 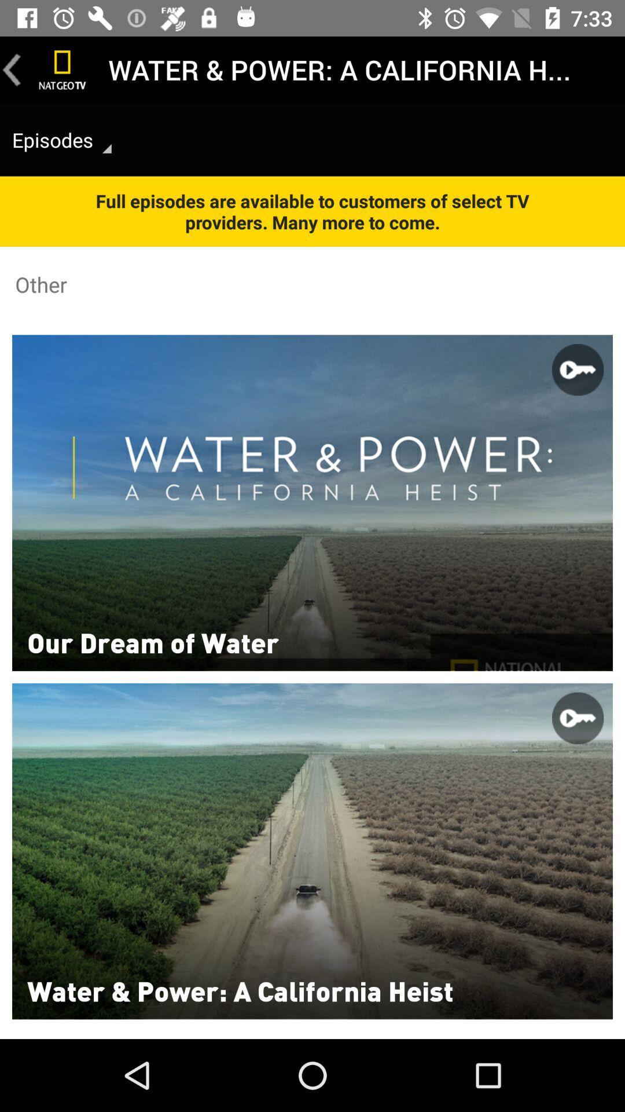 I want to click on the icon which is next to the episodes, so click(x=107, y=148).